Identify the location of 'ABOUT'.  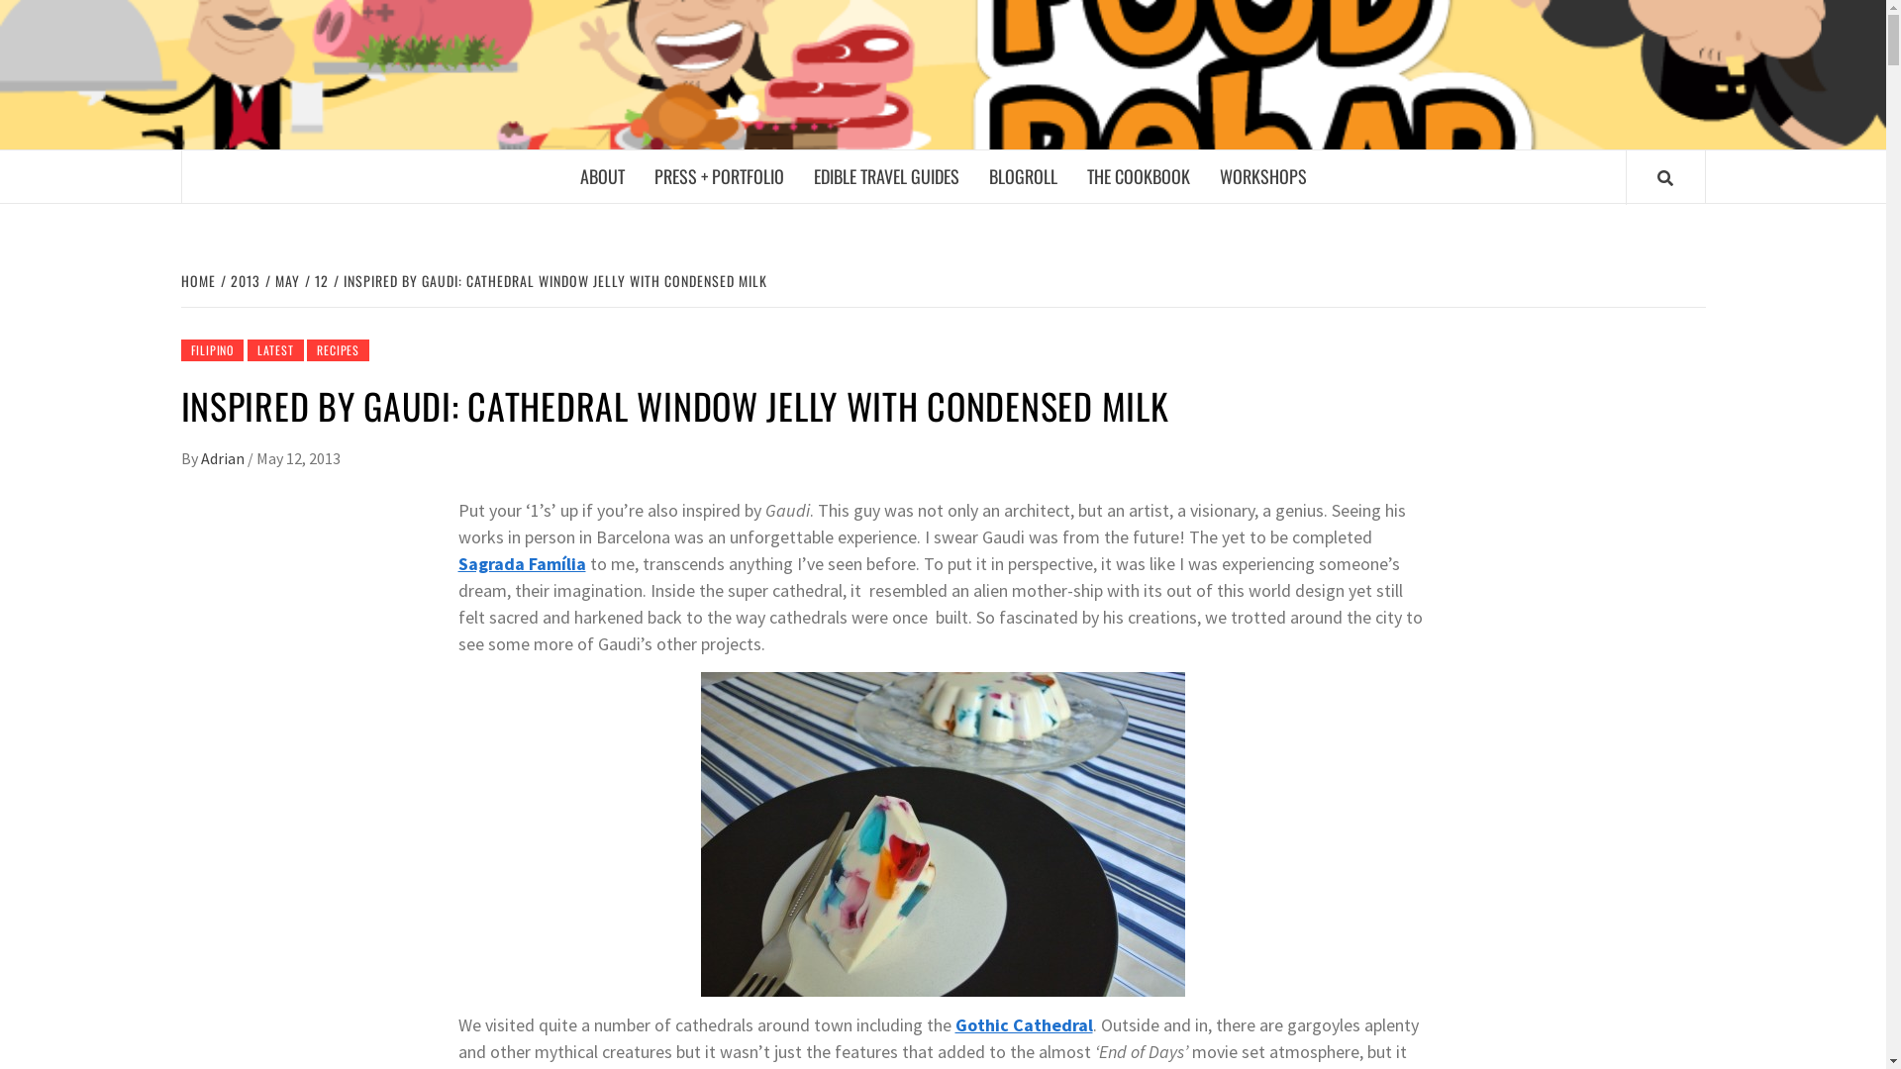
(600, 175).